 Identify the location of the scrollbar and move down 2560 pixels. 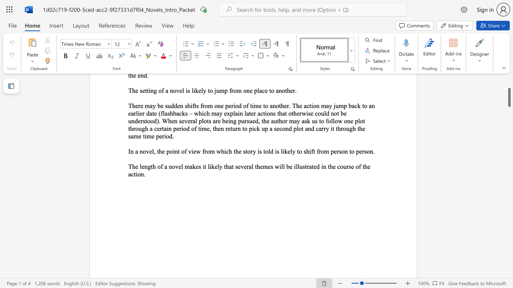
(509, 97).